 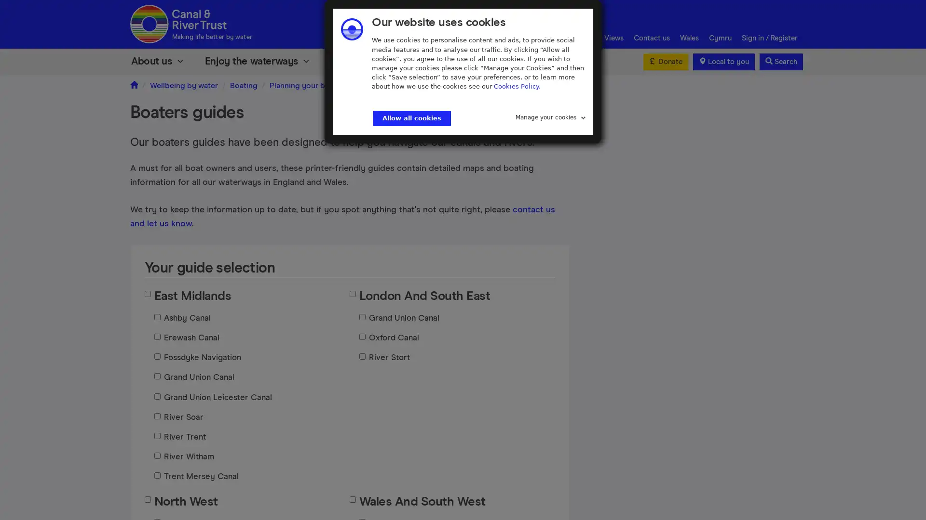 I want to click on Donate, so click(x=665, y=61).